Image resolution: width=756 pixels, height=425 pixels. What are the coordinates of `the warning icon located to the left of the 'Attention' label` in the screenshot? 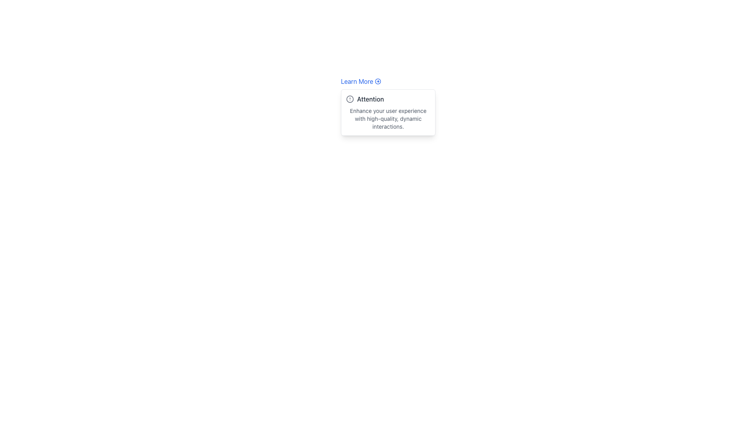 It's located at (349, 98).